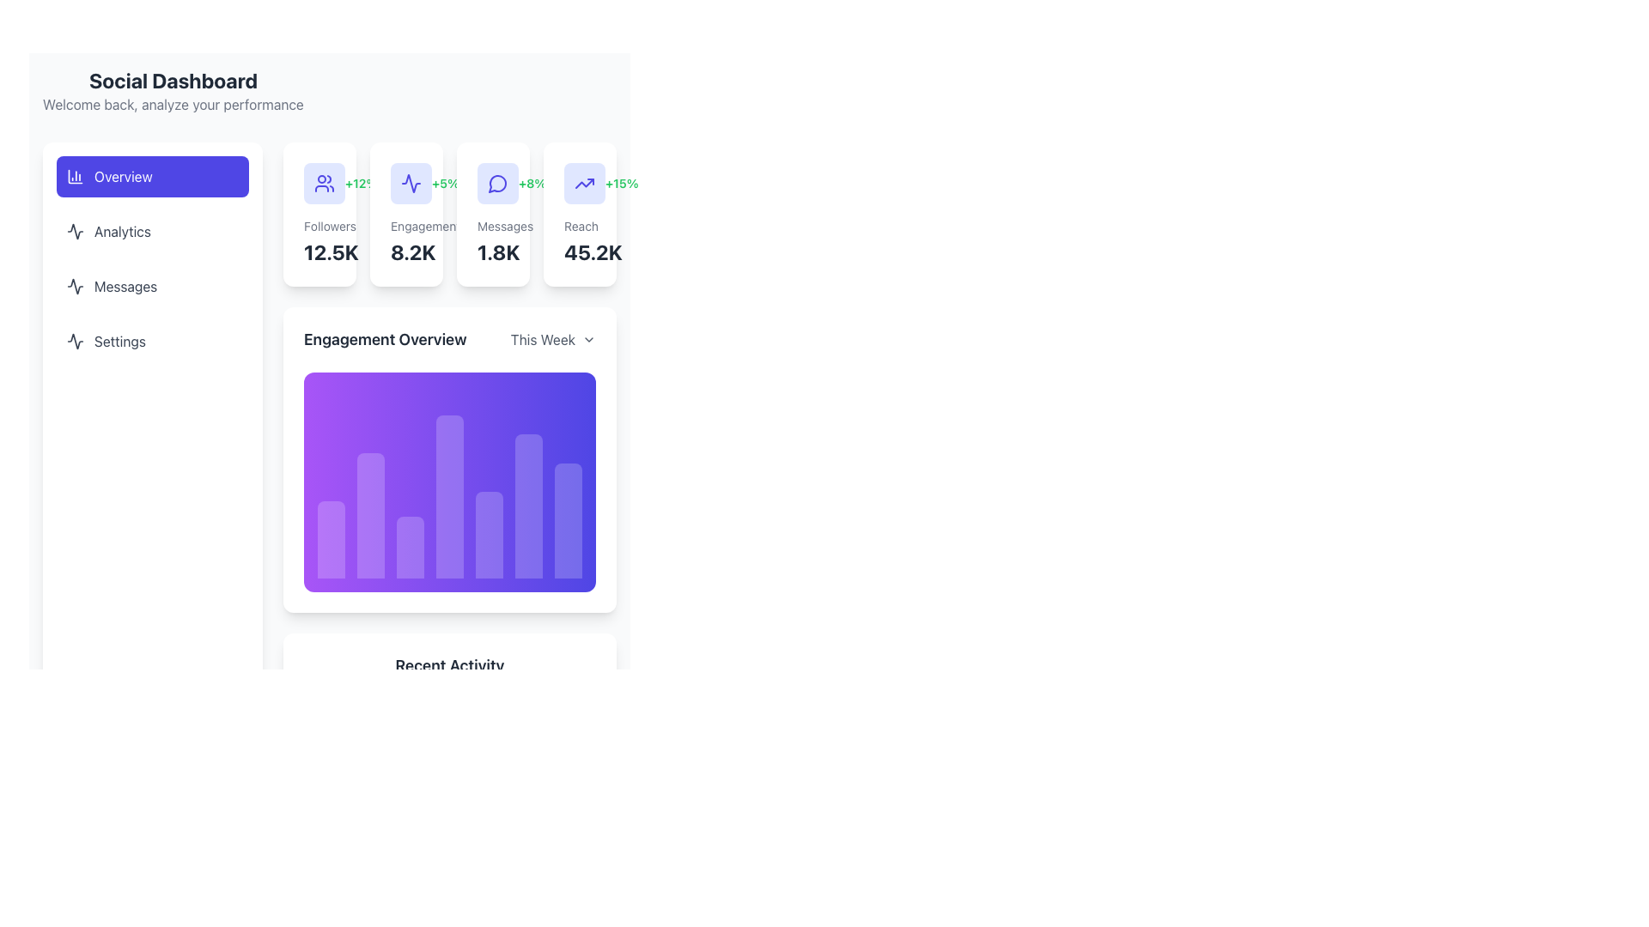 This screenshot has height=927, width=1649. What do you see at coordinates (411, 183) in the screenshot?
I see `the second metric card from the left in the horizontal group of engagement metrics, which represents engagement statistics` at bounding box center [411, 183].